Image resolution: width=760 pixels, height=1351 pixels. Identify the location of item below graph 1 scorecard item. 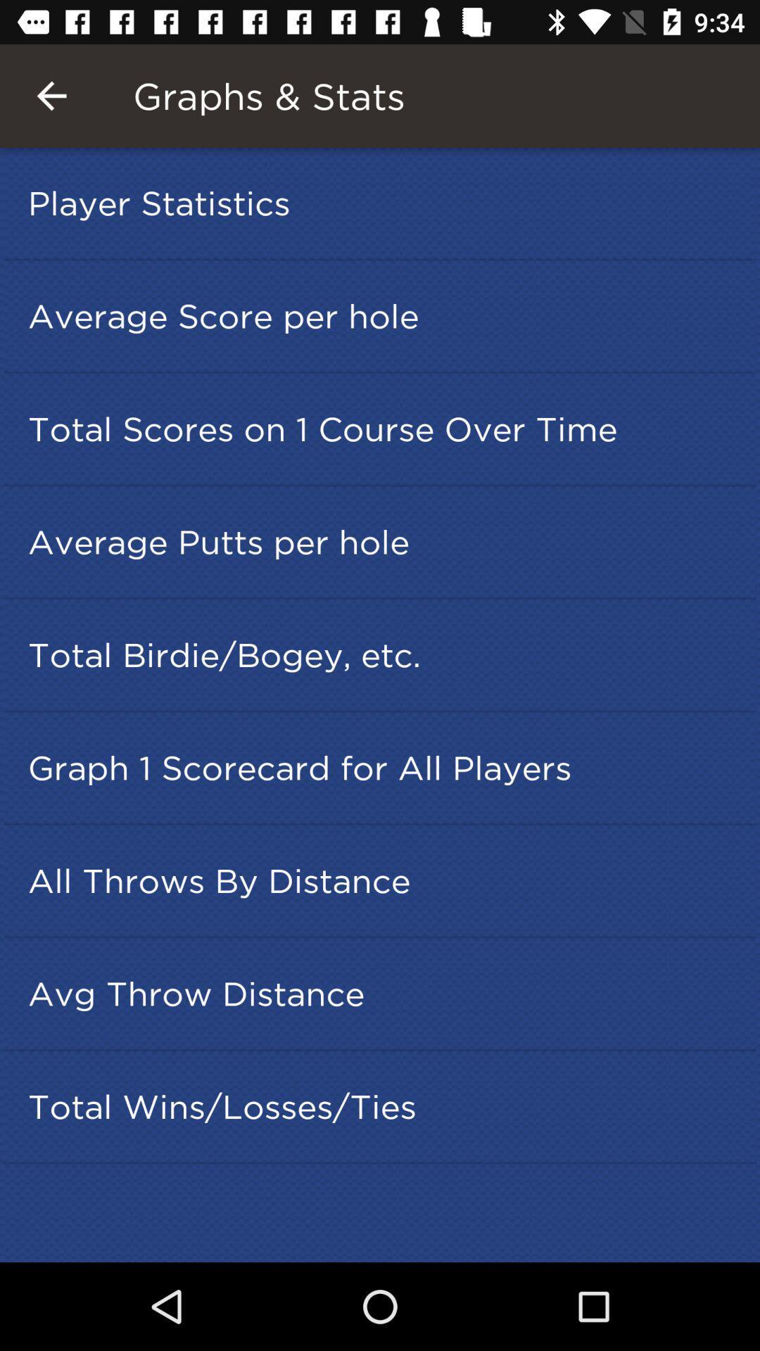
(384, 880).